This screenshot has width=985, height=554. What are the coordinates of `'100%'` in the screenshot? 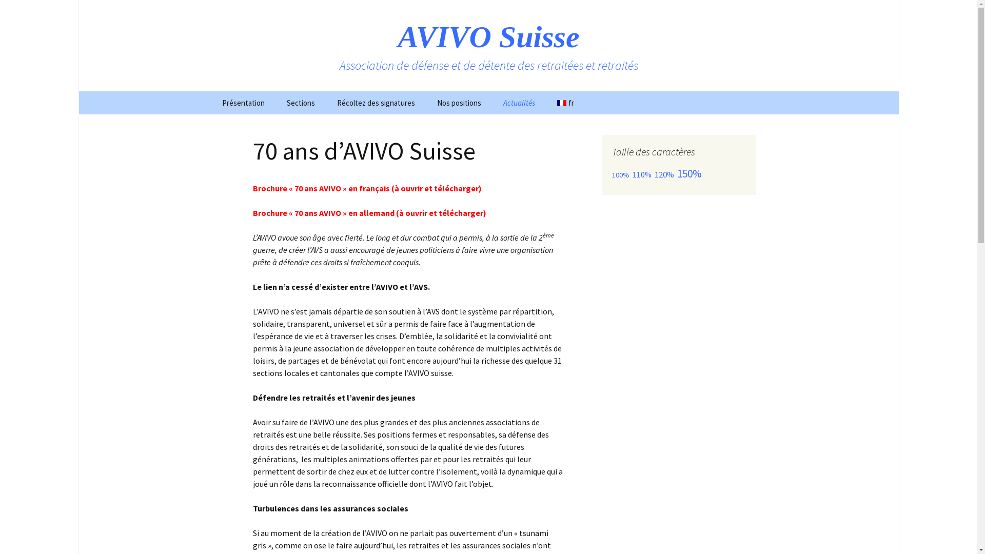 It's located at (611, 174).